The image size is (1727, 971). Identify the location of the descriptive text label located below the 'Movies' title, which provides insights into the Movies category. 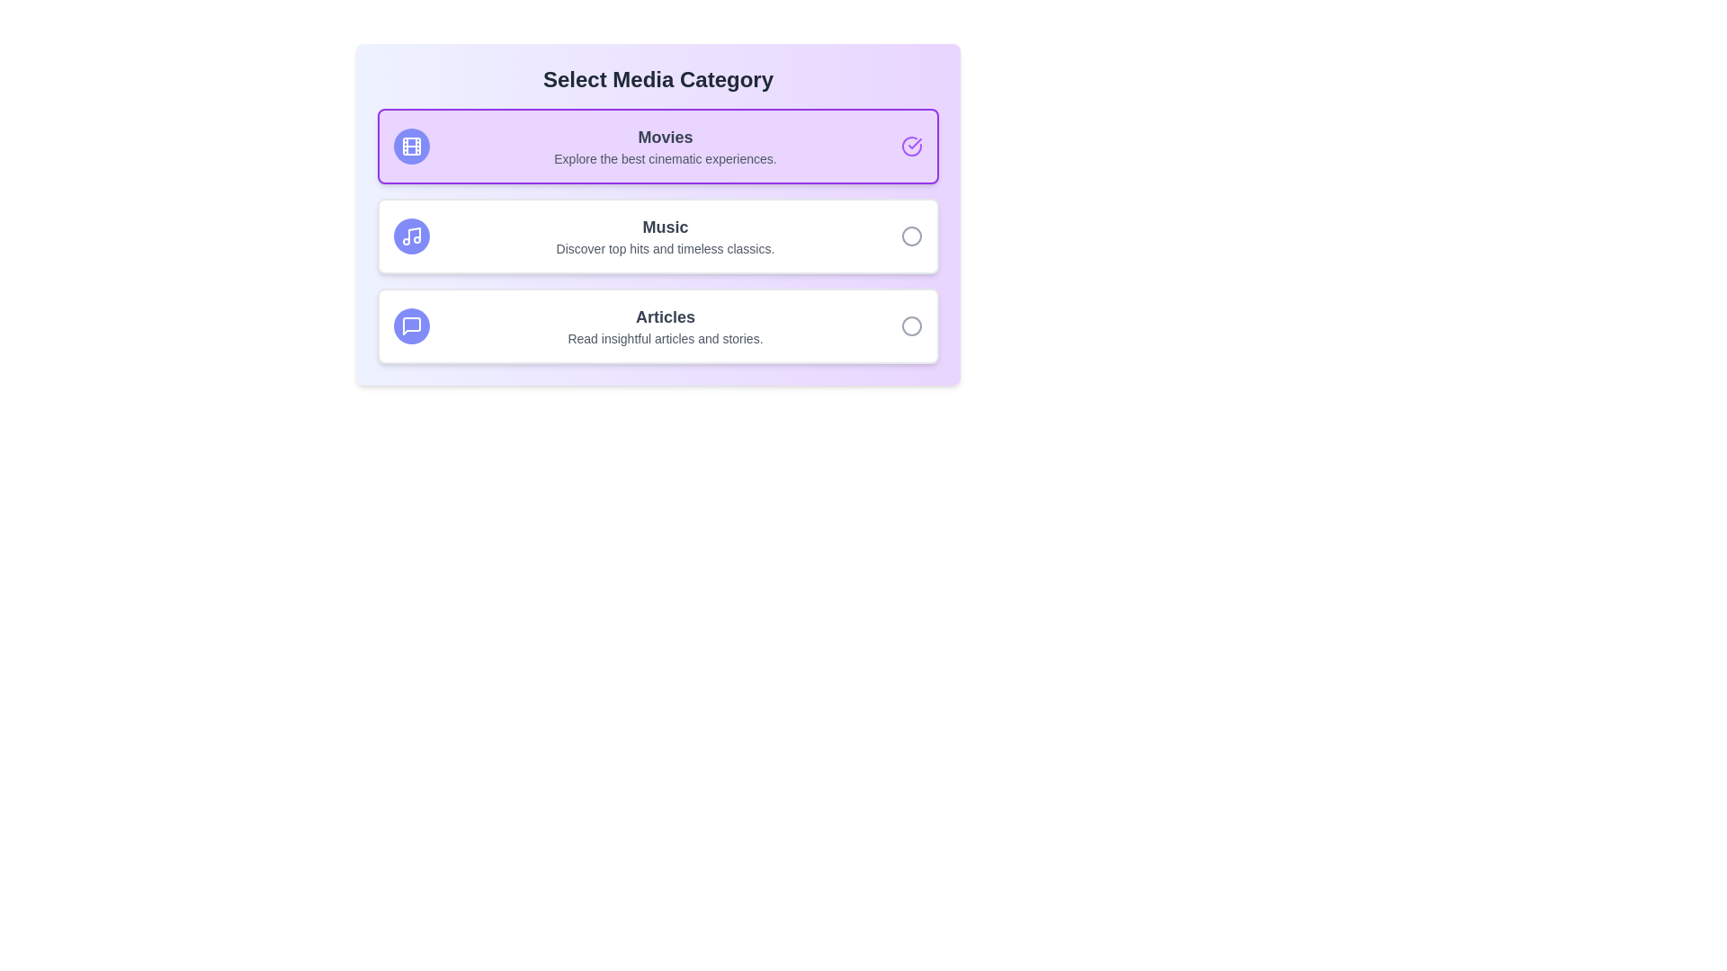
(664, 158).